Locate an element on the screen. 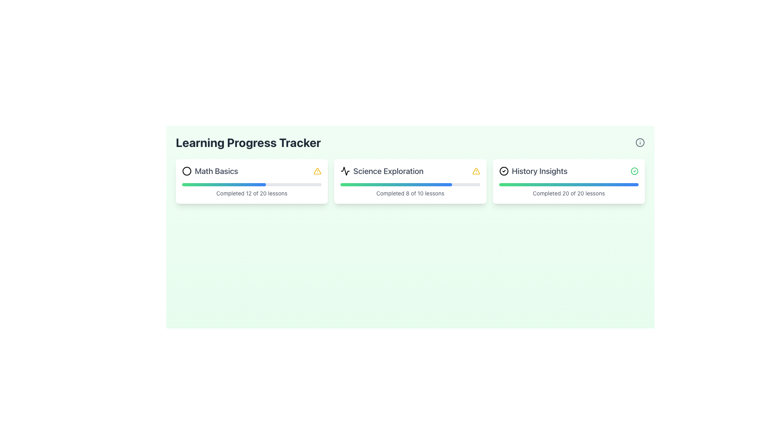  the horizontal progress bar with a gradient fill in the 'Math Basics' card, located below the title 'Math Basics' and above the completion status text is located at coordinates (223, 185).